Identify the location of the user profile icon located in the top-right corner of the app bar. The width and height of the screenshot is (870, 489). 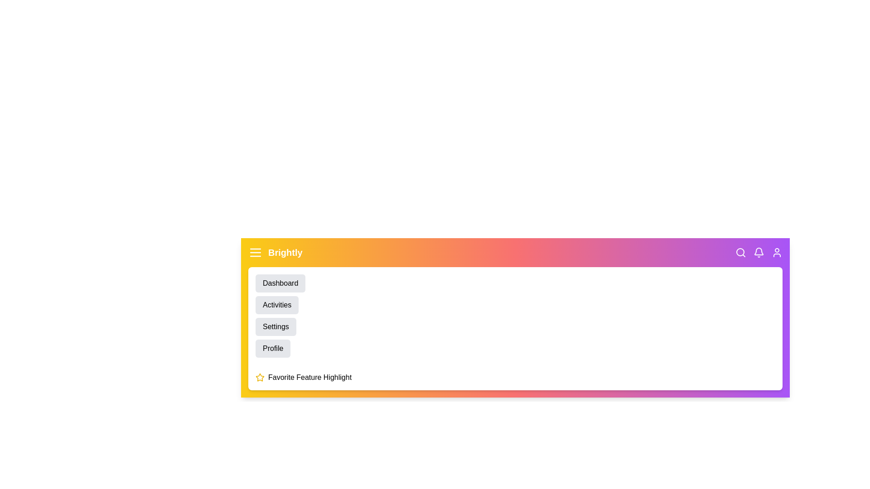
(776, 253).